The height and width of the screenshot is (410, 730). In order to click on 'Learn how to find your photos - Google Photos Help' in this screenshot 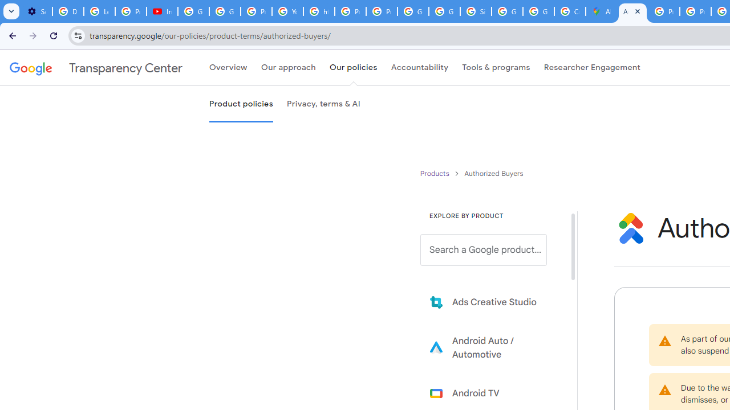, I will do `click(99, 11)`.